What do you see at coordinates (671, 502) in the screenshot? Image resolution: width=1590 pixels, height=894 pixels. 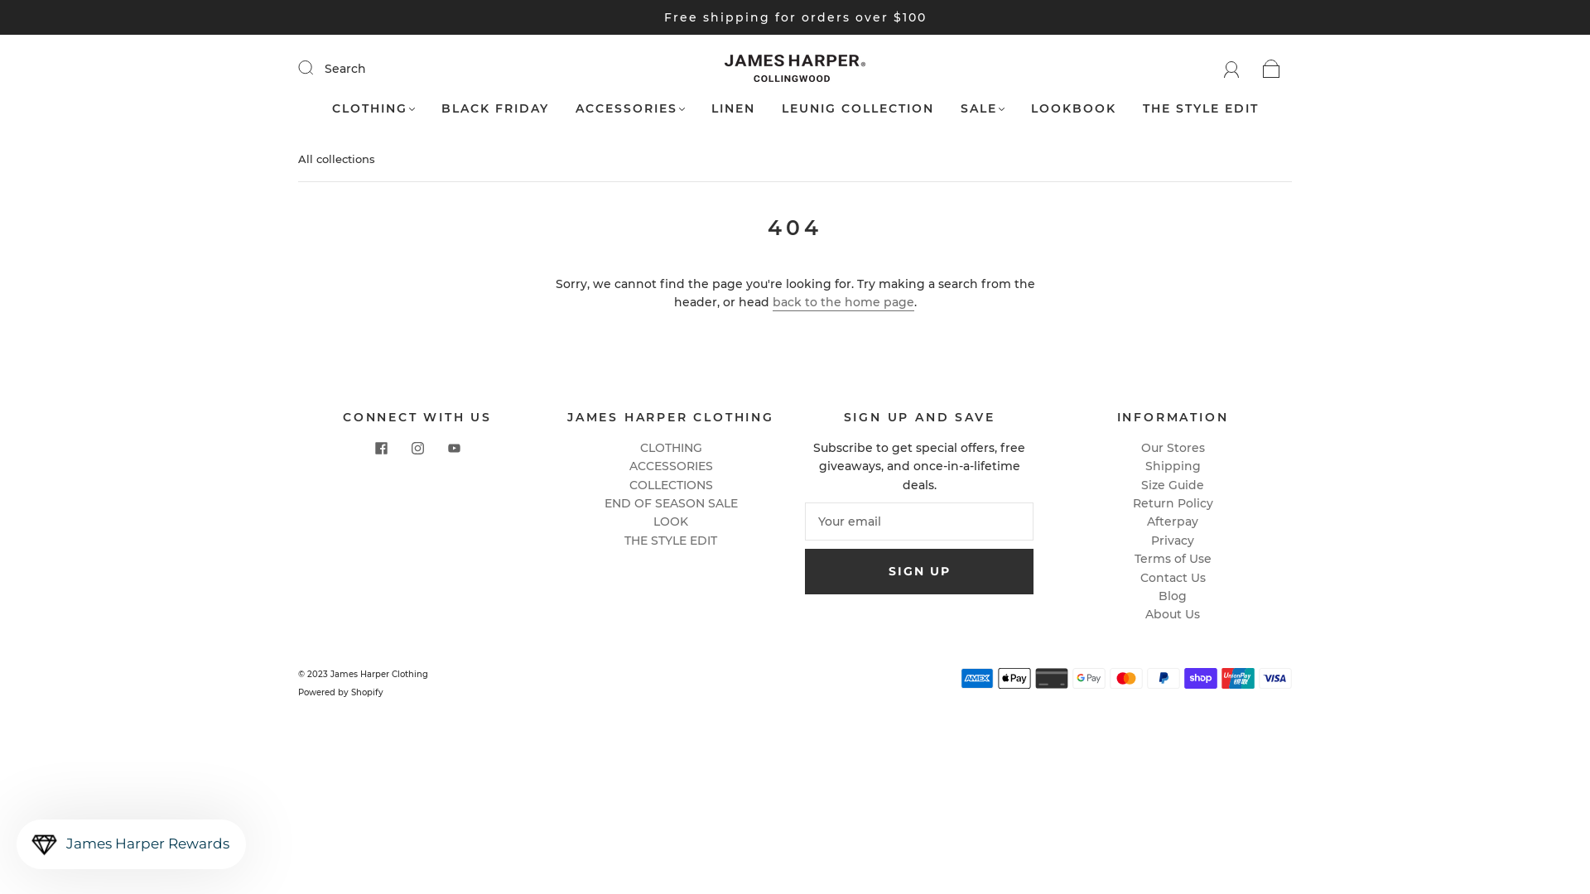 I see `'END OF SEASON SALE'` at bounding box center [671, 502].